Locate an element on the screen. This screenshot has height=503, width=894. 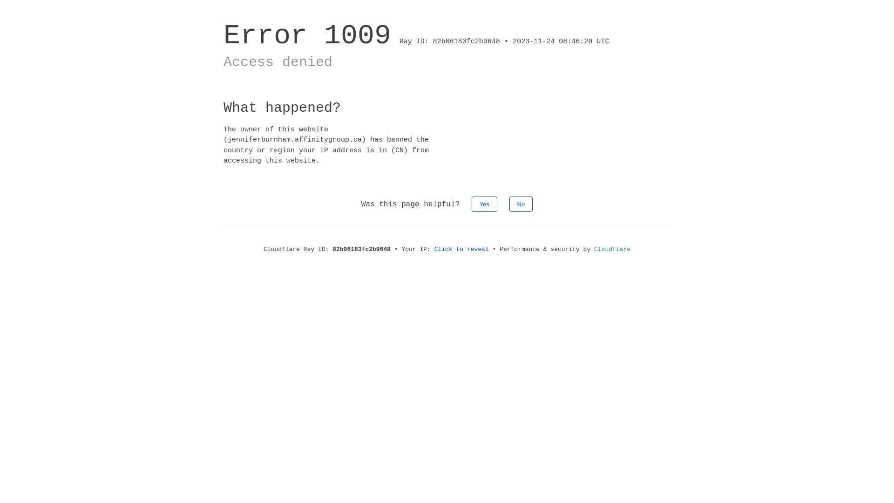
'Click to reveal' is located at coordinates (461, 249).